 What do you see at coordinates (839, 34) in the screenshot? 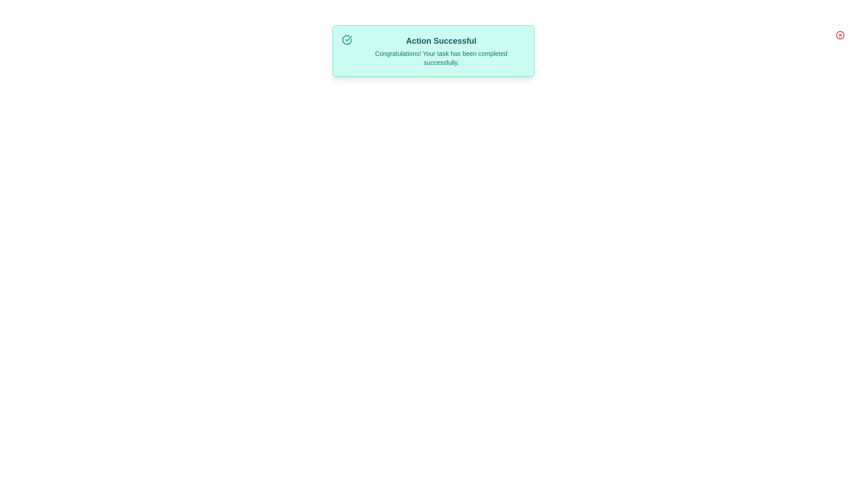
I see `close button in the top-right corner of the alert` at bounding box center [839, 34].